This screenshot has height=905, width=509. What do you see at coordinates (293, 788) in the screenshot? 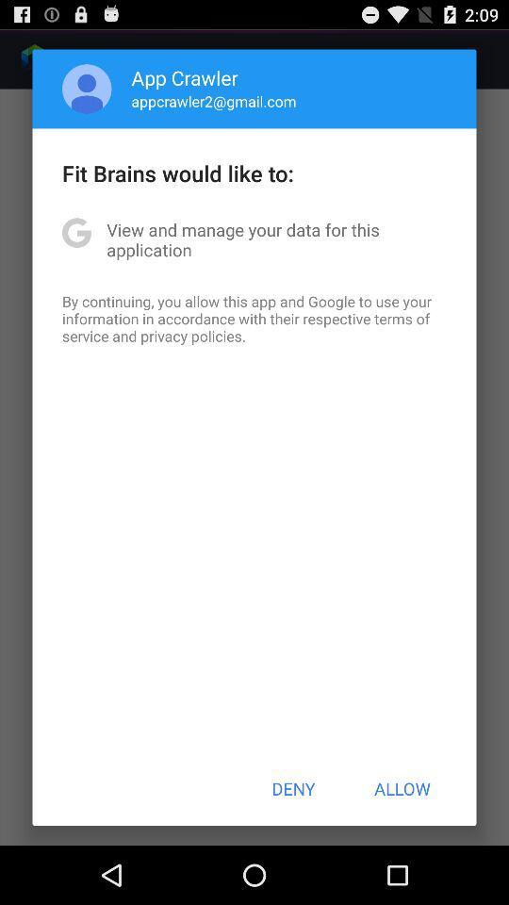
I see `item at the bottom` at bounding box center [293, 788].